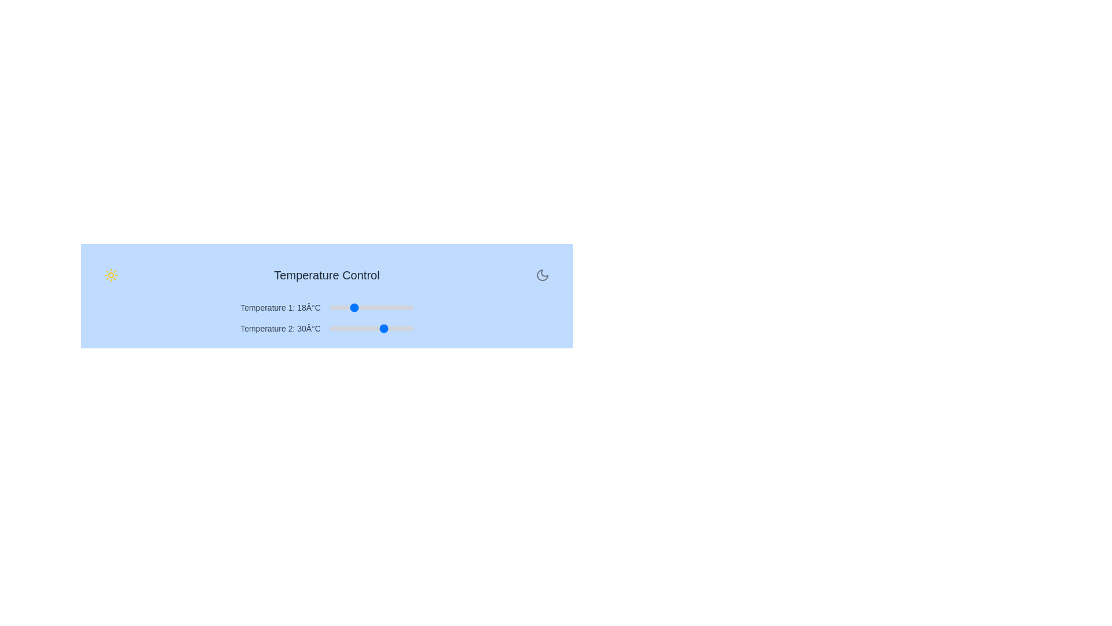  I want to click on the slider located near the label indicating the second temperature setting of 30°C to adjust the temperature settings, so click(280, 329).